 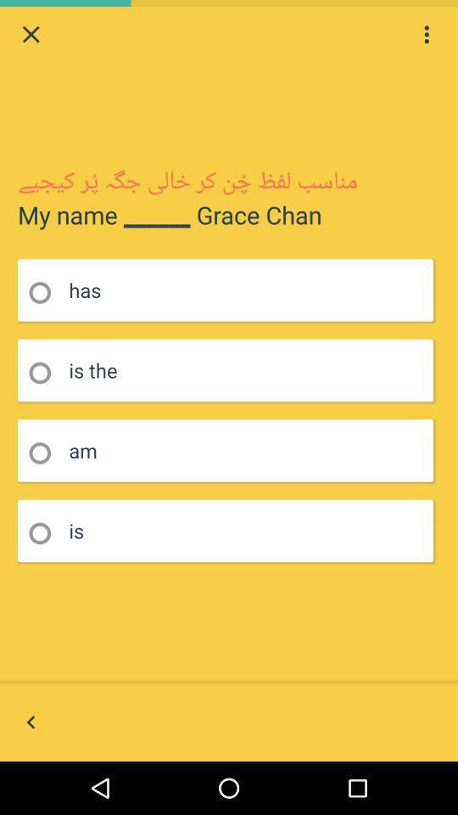 I want to click on the icon at the top right corner, so click(x=426, y=33).